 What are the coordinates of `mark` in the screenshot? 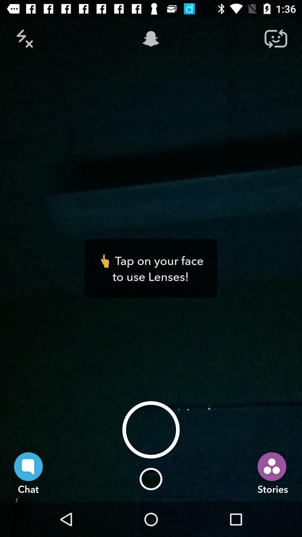 It's located at (26, 38).